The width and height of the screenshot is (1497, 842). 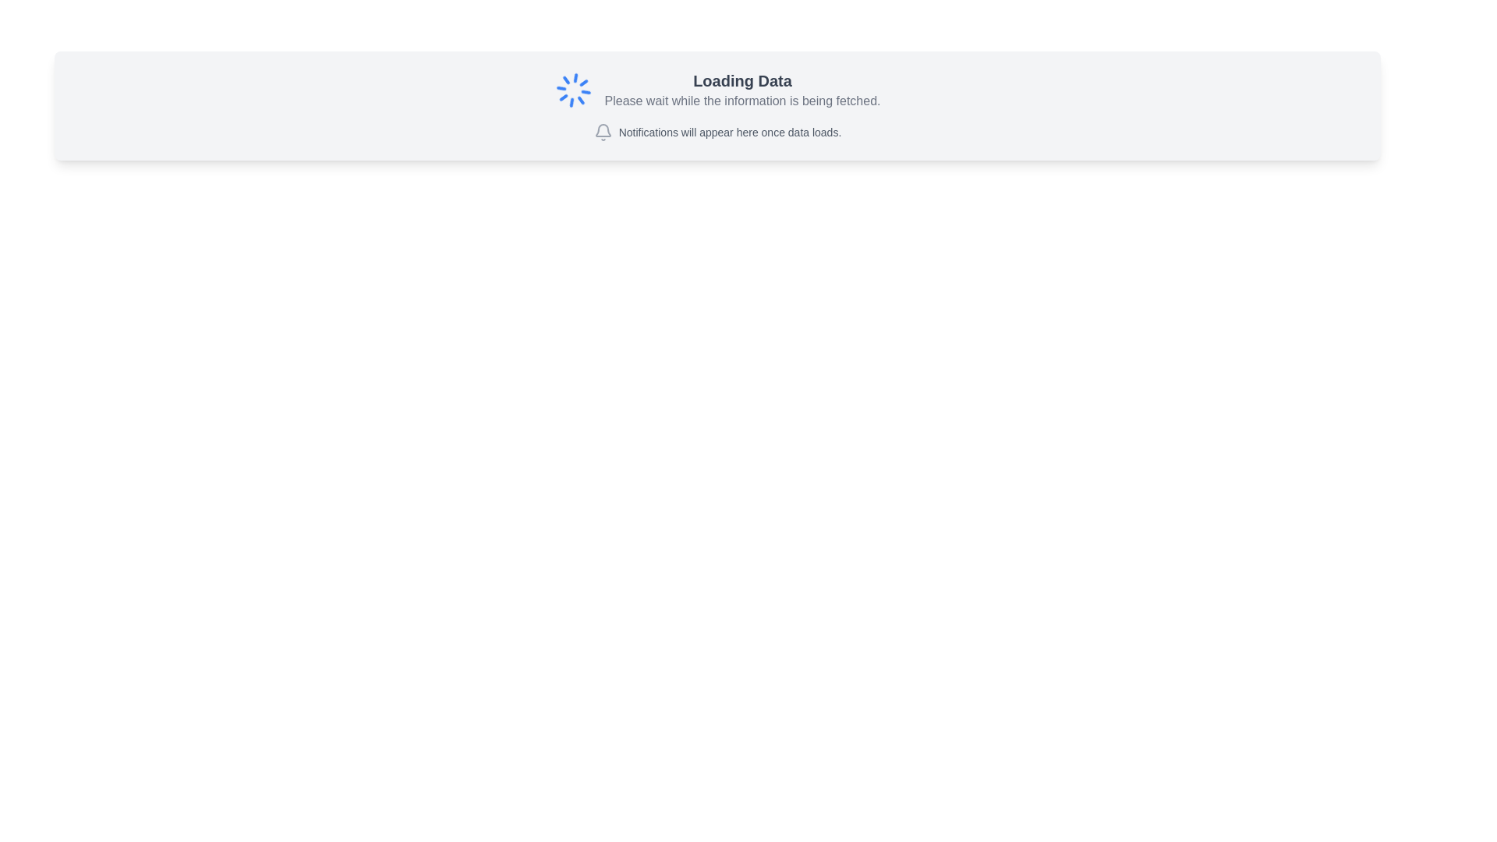 What do you see at coordinates (741, 90) in the screenshot?
I see `status message from the central text block that indicates data is currently being loaded` at bounding box center [741, 90].